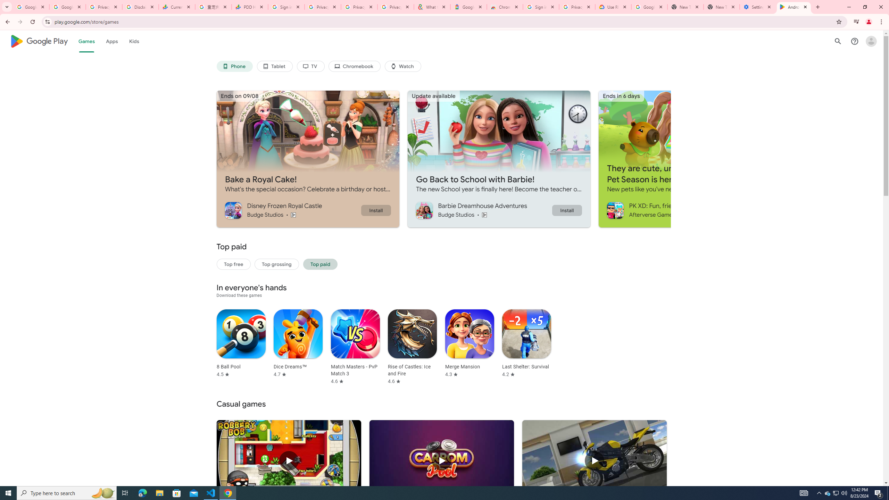 The image size is (889, 500). I want to click on 'Tablet', so click(274, 66).